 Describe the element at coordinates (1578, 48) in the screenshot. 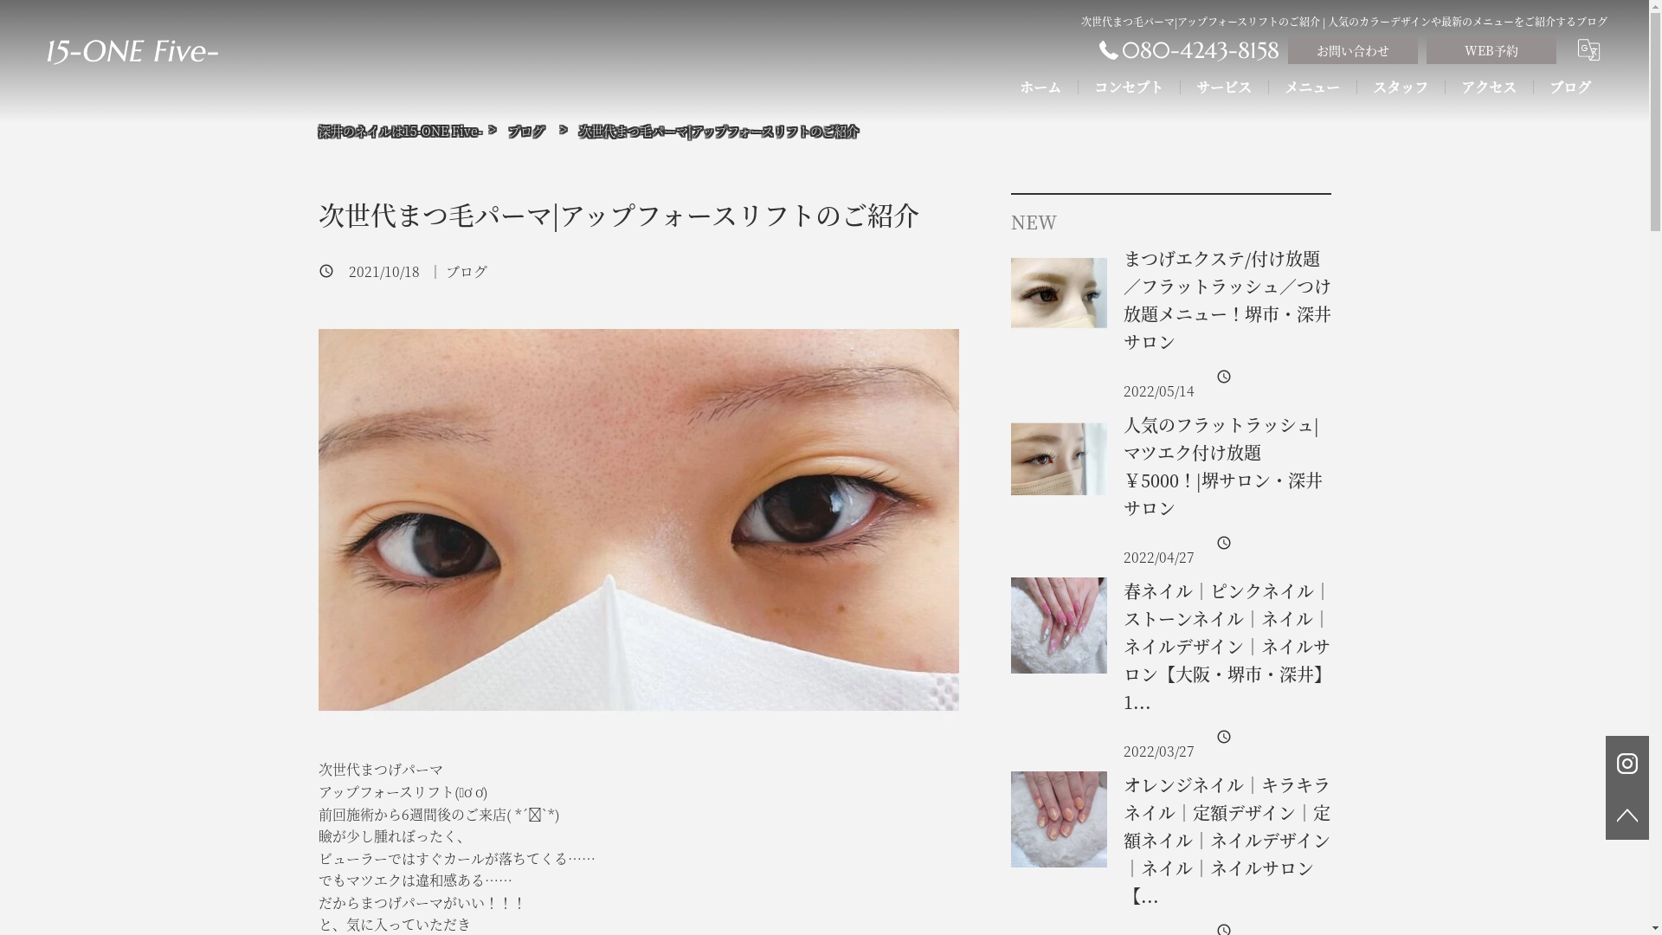

I see `'translate'` at that location.